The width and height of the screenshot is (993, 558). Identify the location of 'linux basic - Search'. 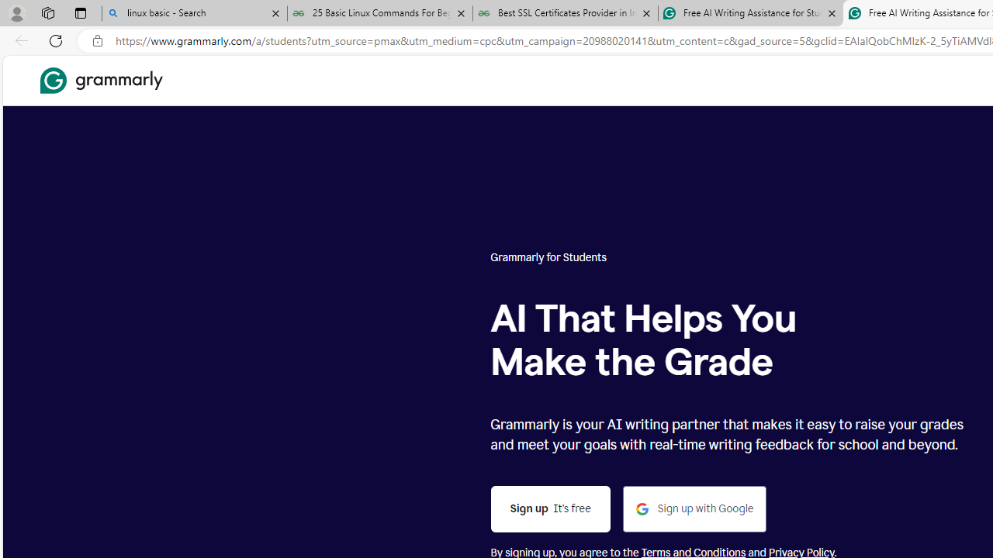
(193, 13).